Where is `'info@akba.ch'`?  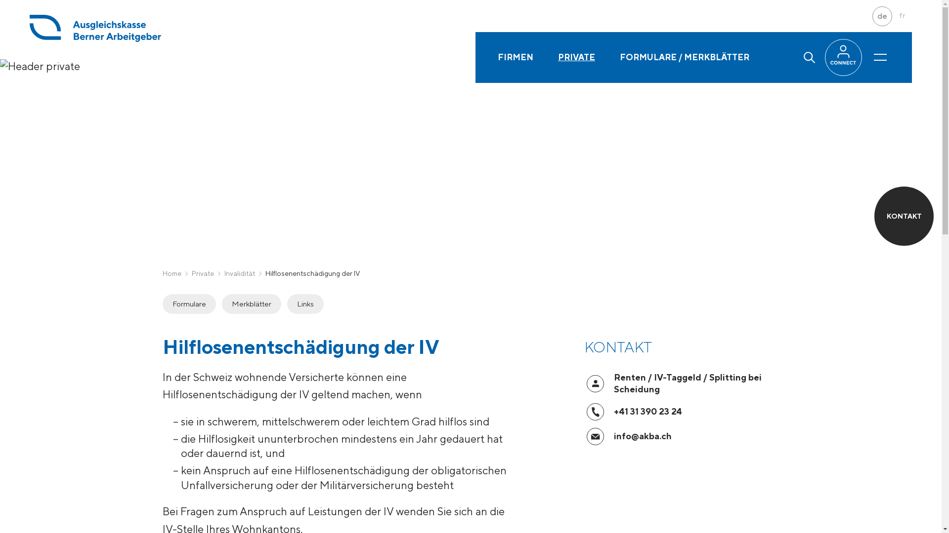
'info@akba.ch' is located at coordinates (643, 435).